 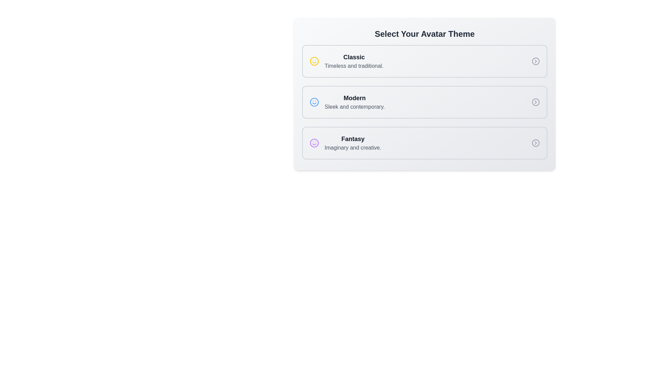 What do you see at coordinates (354, 102) in the screenshot?
I see `text label for the 'Modern' avatar theme, which is located in the second selectable card of the avatar theme options` at bounding box center [354, 102].